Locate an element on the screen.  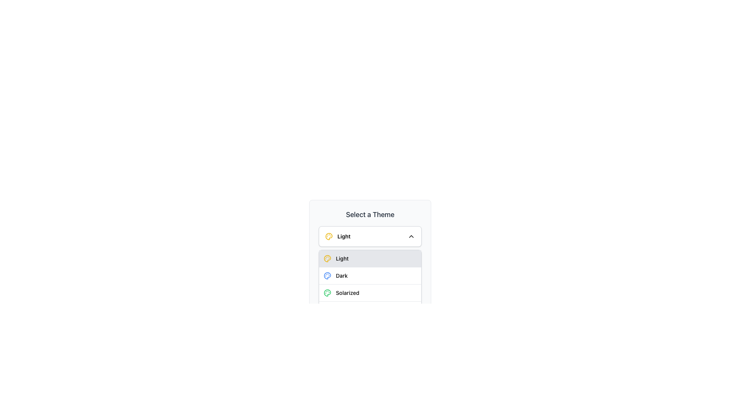
the second icon within the dropdown menu labeled 'Select a Theme' is located at coordinates (327, 275).